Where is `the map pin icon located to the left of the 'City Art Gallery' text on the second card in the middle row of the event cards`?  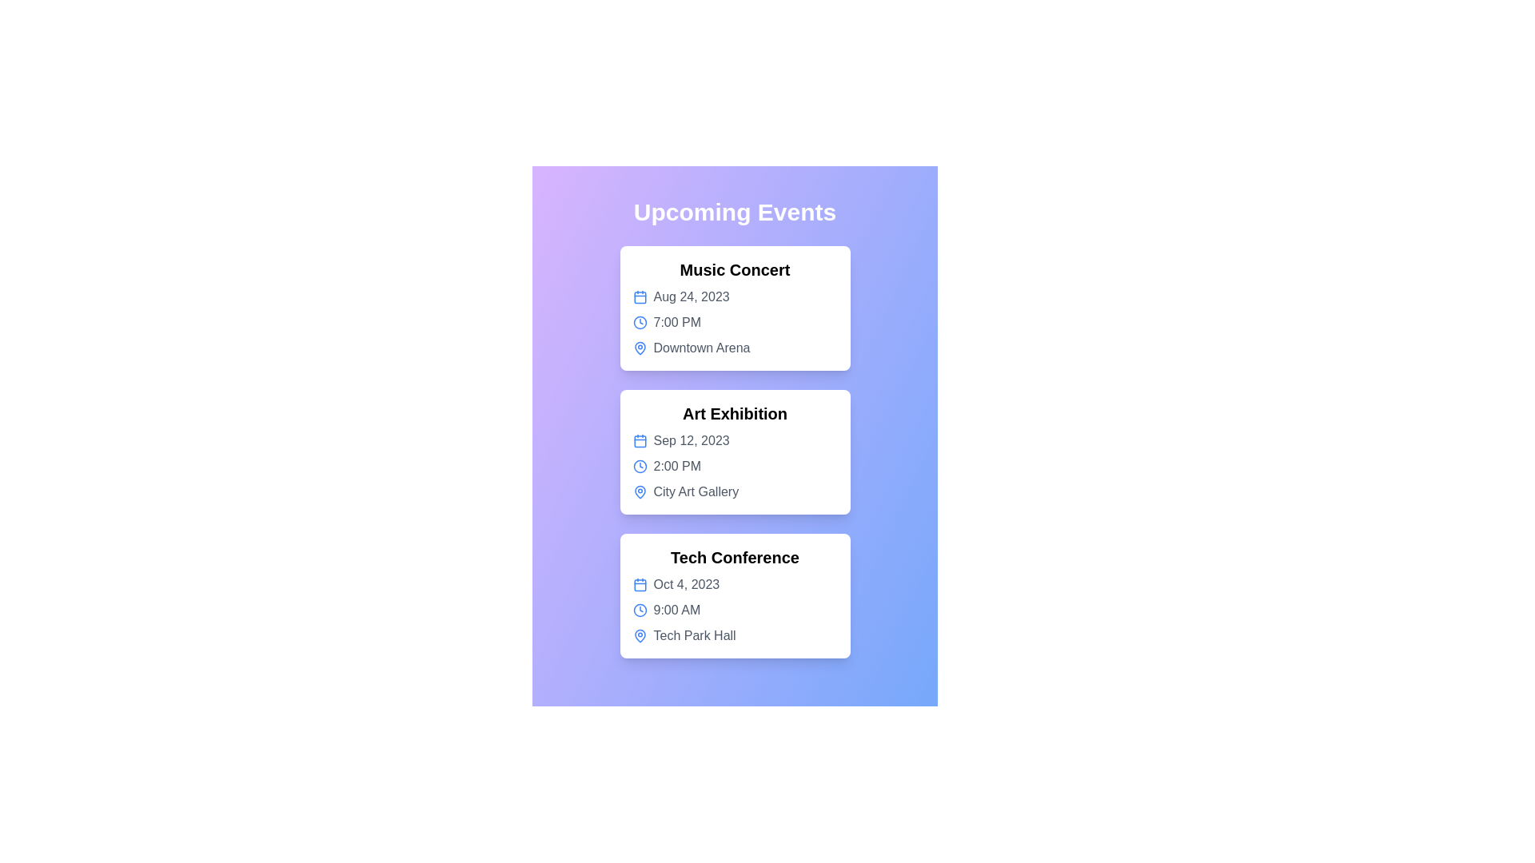 the map pin icon located to the left of the 'City Art Gallery' text on the second card in the middle row of the event cards is located at coordinates (640, 491).